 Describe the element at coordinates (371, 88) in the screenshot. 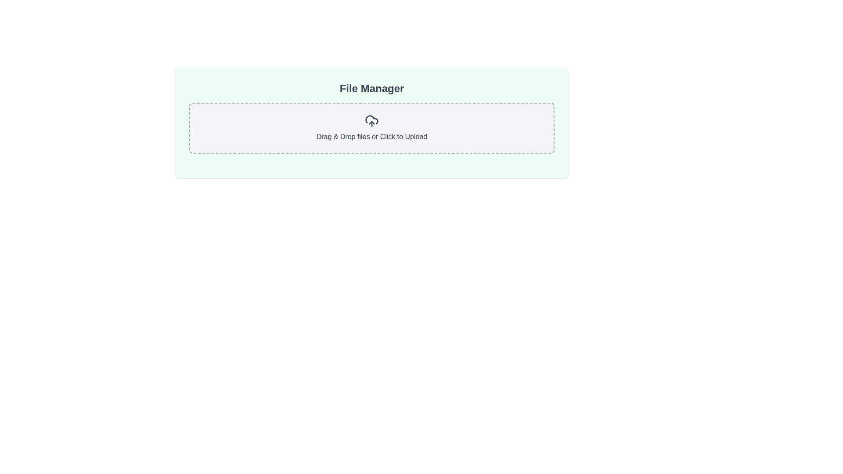

I see `the Text Label that serves as a header for the file management interface, located at the top-center of the interface, above the section for drag and drop or upload instructions` at that location.